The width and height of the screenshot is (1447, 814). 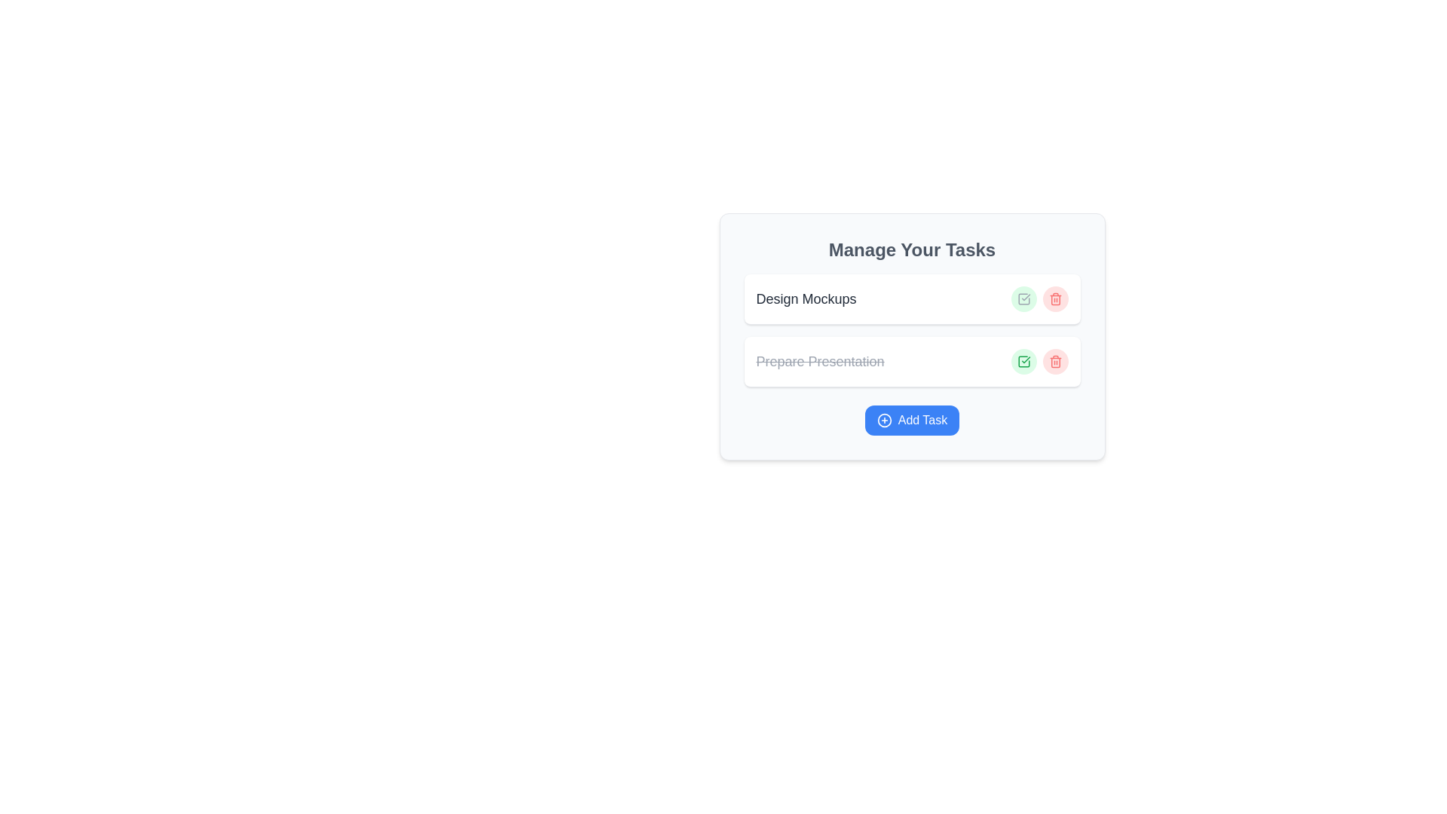 I want to click on the 'Add Task' button located at the bottom center of the task management card under 'Design Mockups' and 'Prepare Presentation', so click(x=911, y=421).